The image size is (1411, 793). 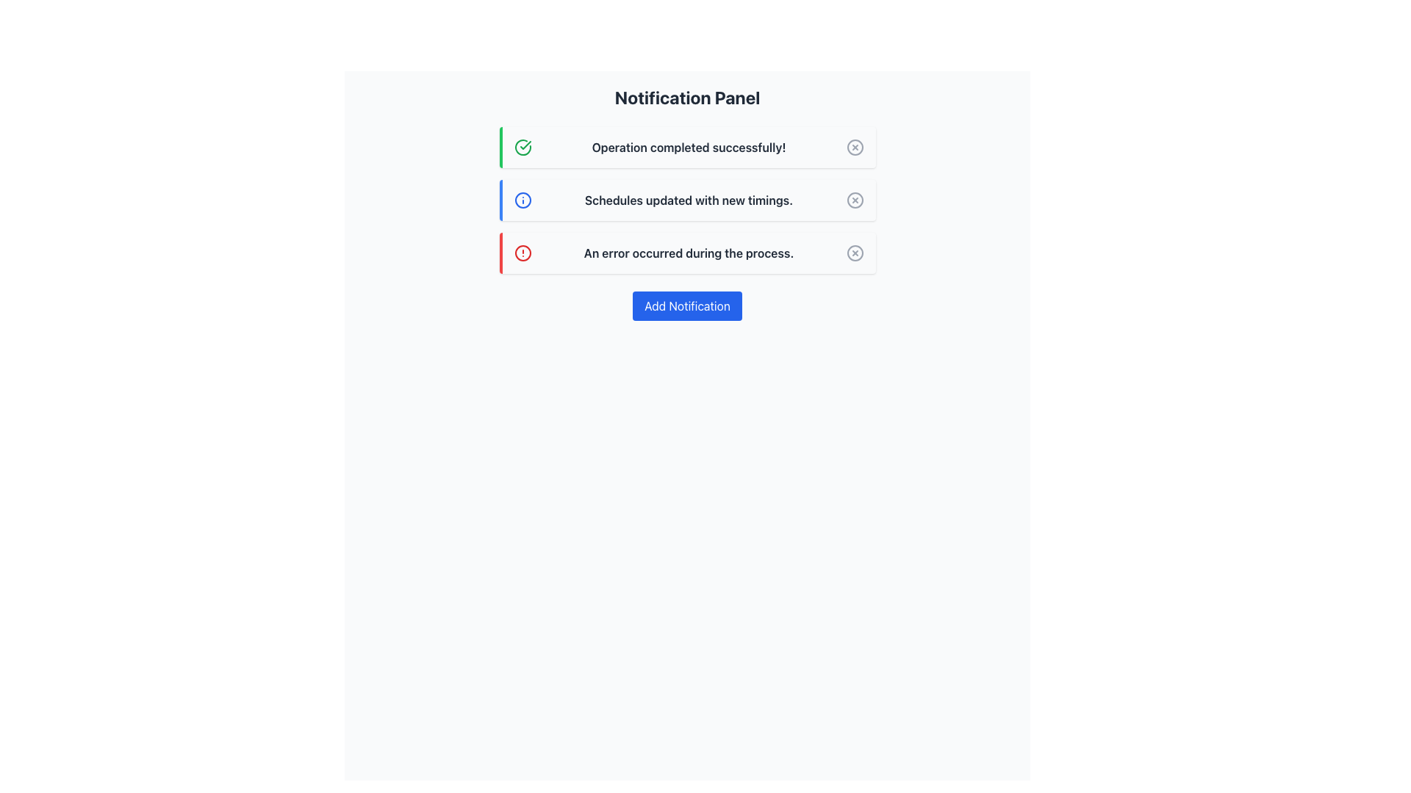 I want to click on the text label stating 'Schedules updated with new timings.' which is part of the notification card in the middle section of a vertical list of notifications, so click(x=688, y=200).